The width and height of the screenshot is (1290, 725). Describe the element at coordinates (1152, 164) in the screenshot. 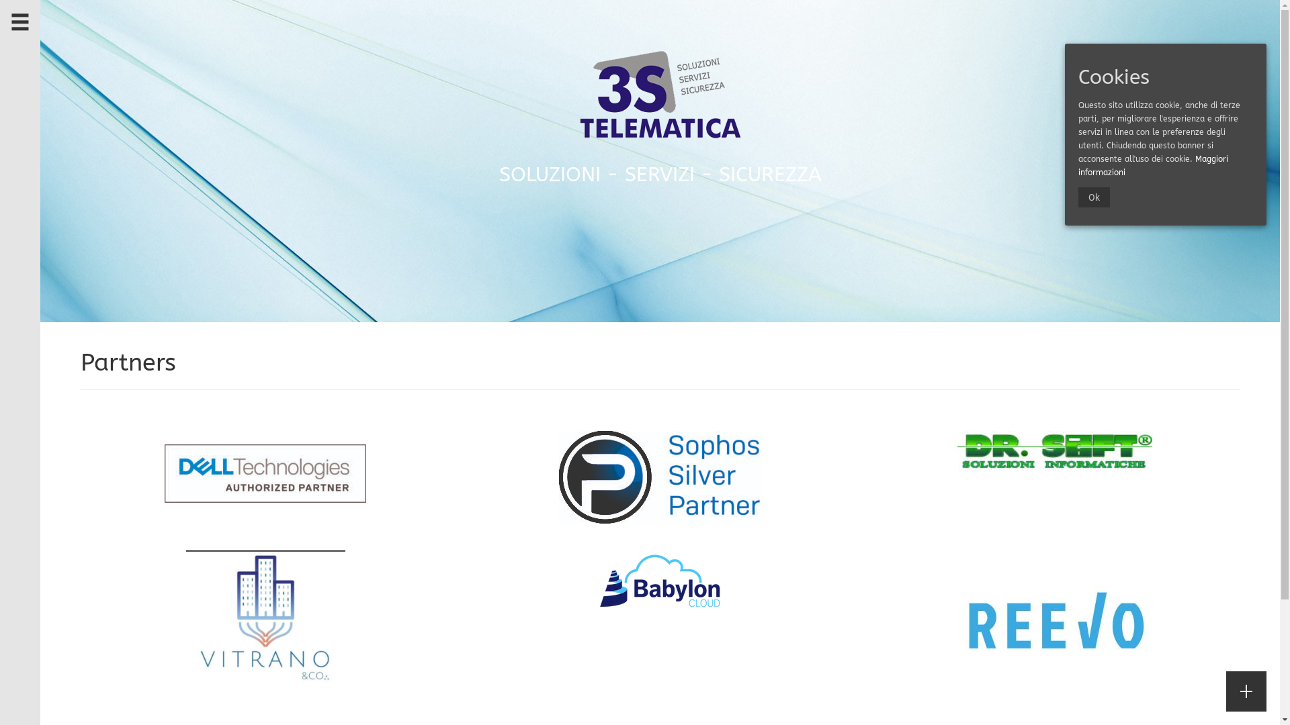

I see `'Maggiori informazioni'` at that location.